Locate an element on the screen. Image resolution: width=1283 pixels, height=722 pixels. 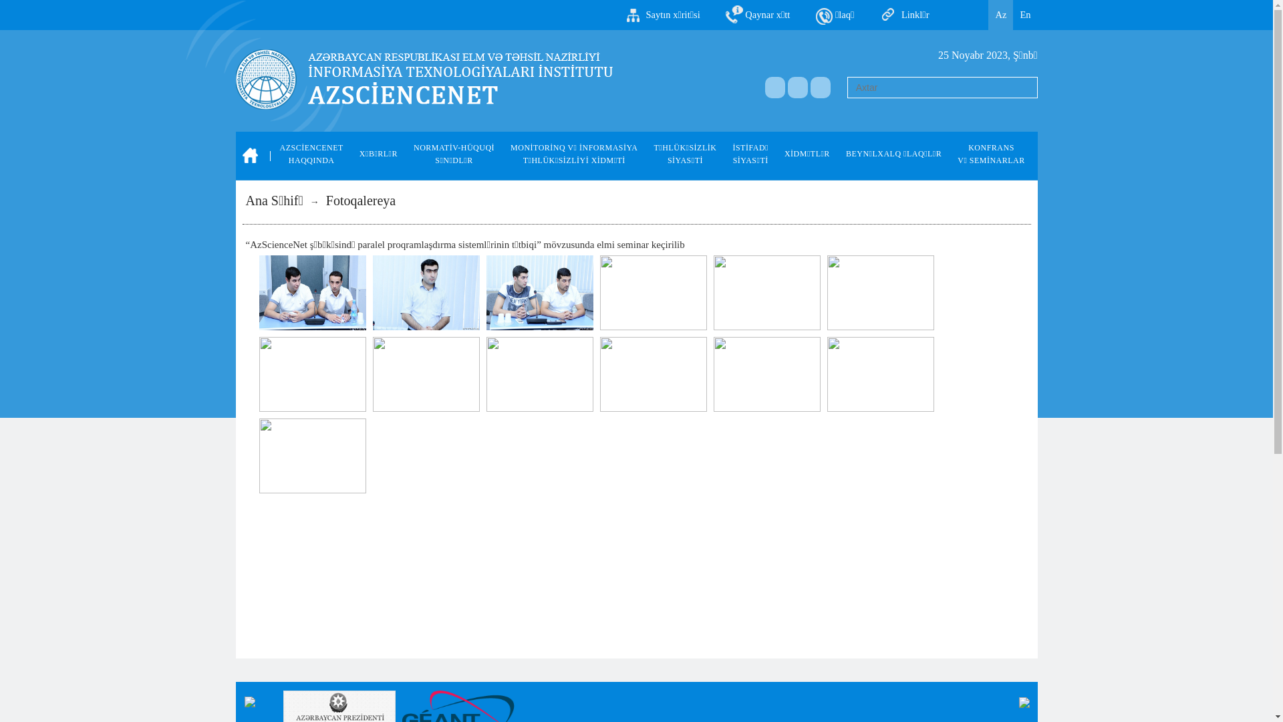
'Az' is located at coordinates (1000, 15).